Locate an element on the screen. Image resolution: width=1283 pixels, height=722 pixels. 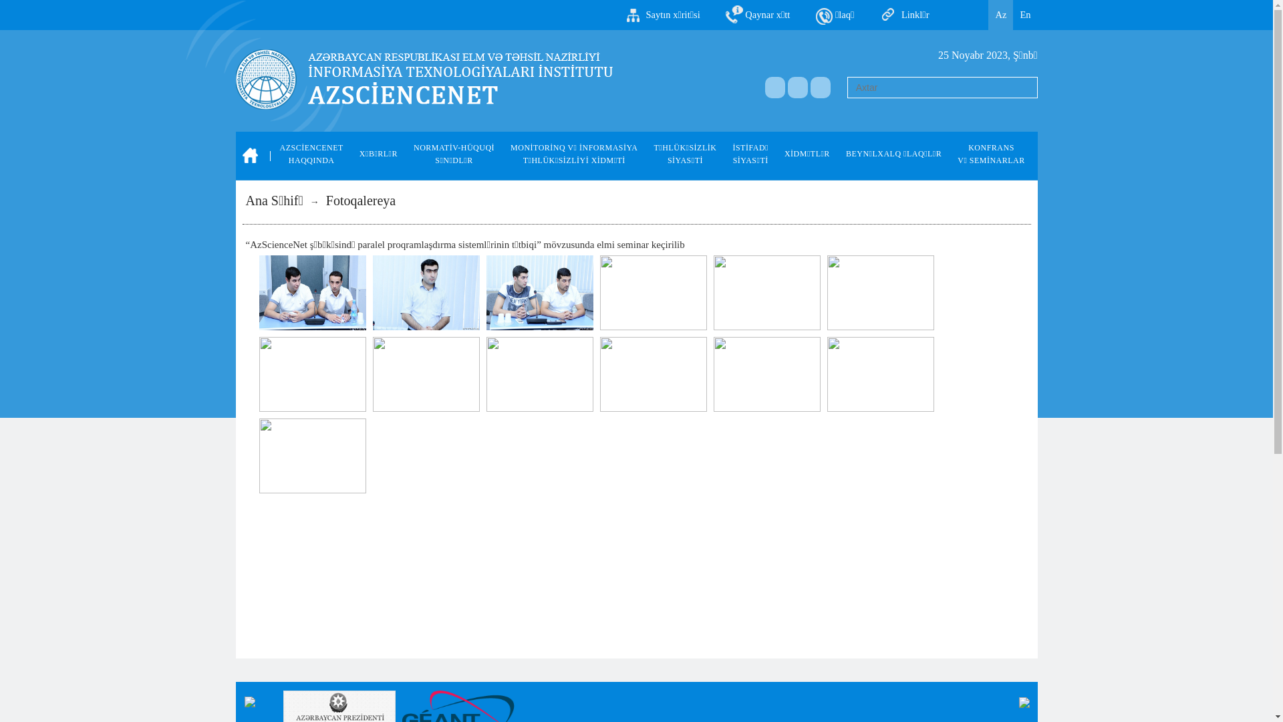
'Az' is located at coordinates (1000, 15).